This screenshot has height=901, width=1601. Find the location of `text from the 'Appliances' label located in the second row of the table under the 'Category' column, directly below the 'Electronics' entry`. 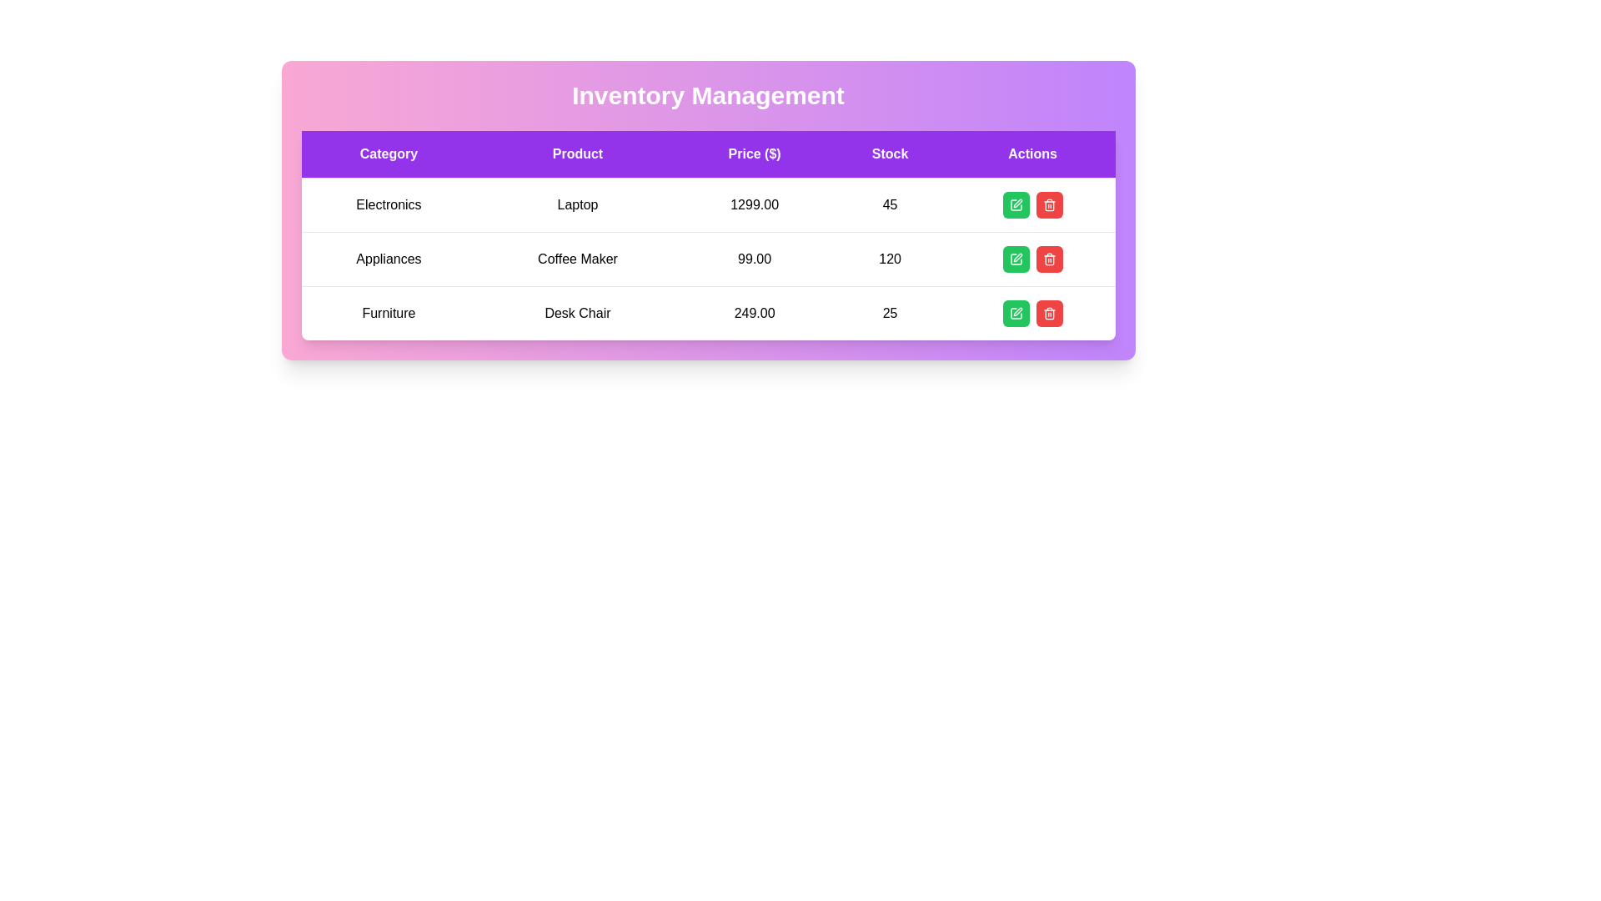

text from the 'Appliances' label located in the second row of the table under the 'Category' column, directly below the 'Electronics' entry is located at coordinates (388, 259).